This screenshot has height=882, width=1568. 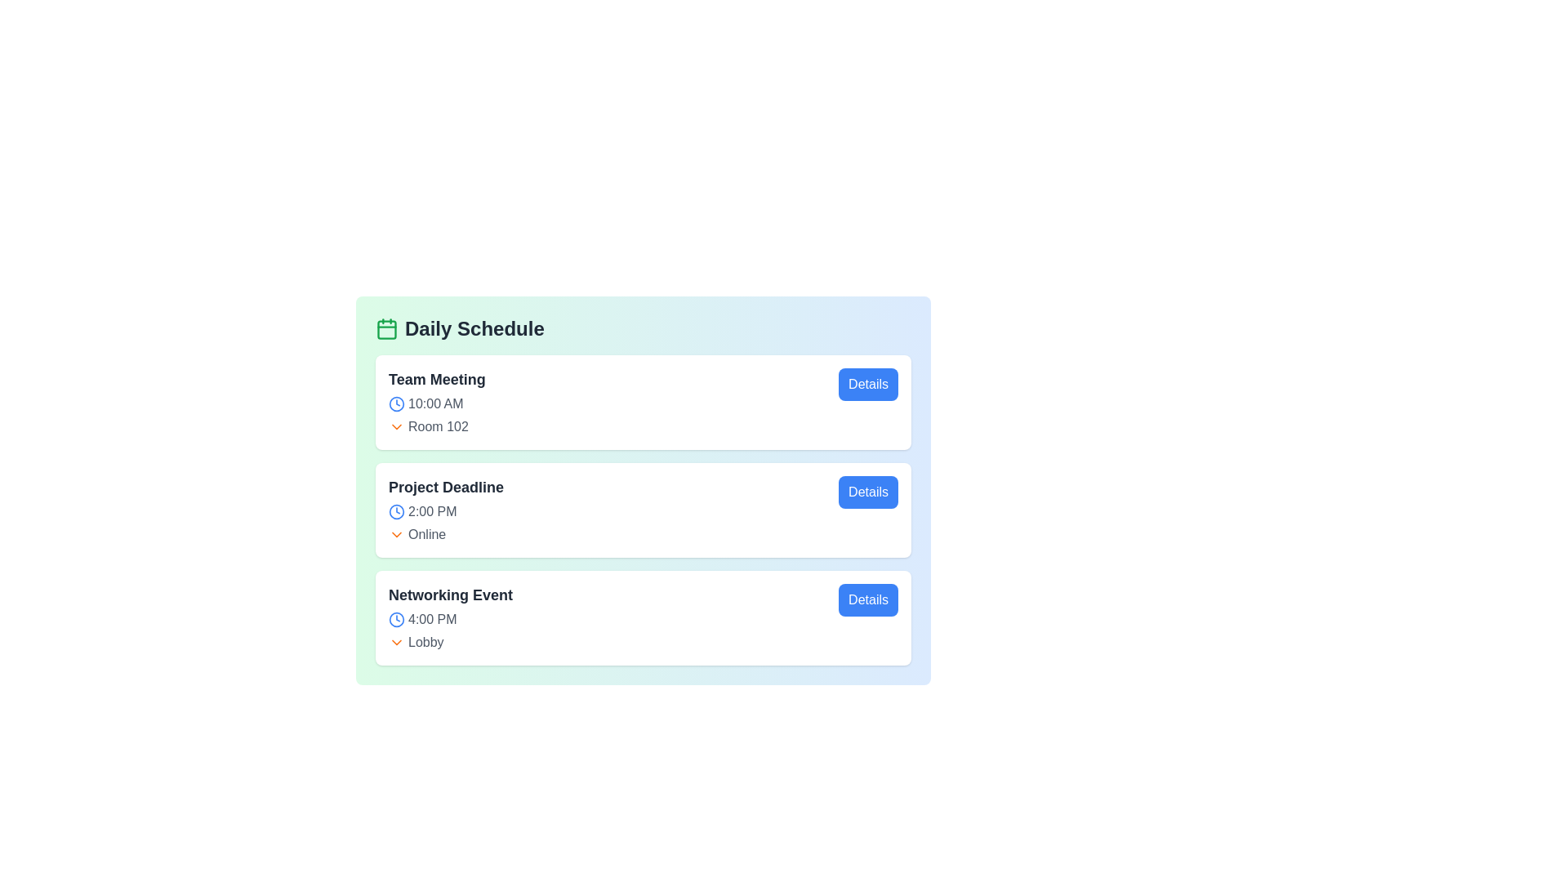 I want to click on the text element that indicates the time of the 'Networking Event', located in the 'Daily Schedule' section, positioned below the event title and above the location 'Lobby', so click(x=451, y=620).